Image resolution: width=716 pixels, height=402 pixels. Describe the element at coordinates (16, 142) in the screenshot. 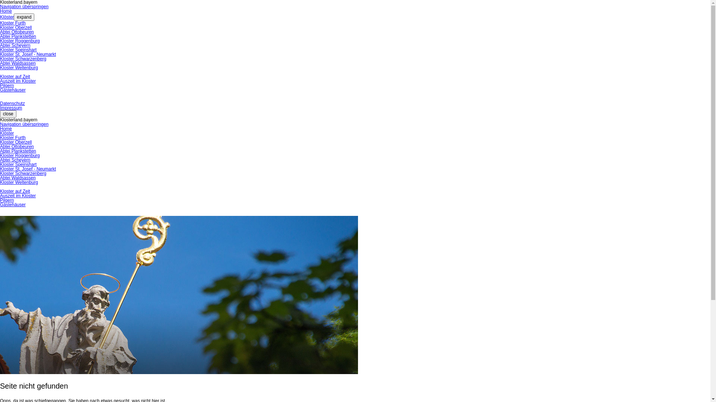

I see `'Kloster Oberzell'` at that location.